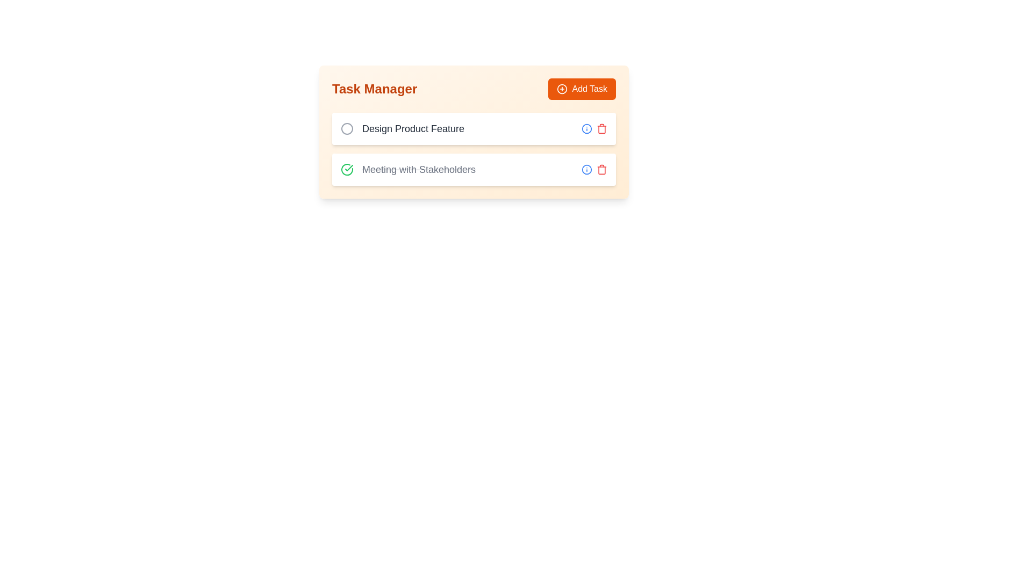 The image size is (1032, 580). What do you see at coordinates (402, 128) in the screenshot?
I see `the task item display` at bounding box center [402, 128].